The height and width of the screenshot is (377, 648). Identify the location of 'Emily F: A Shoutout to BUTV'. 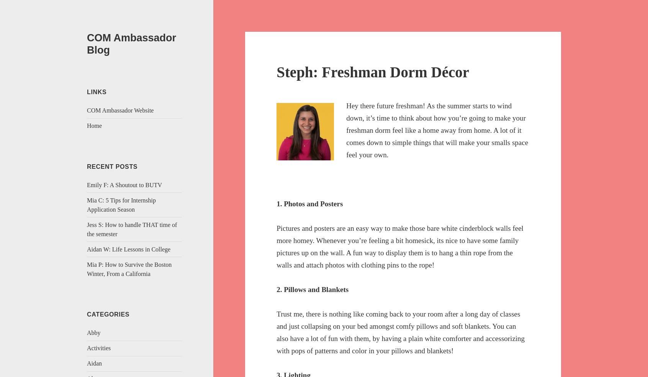
(124, 184).